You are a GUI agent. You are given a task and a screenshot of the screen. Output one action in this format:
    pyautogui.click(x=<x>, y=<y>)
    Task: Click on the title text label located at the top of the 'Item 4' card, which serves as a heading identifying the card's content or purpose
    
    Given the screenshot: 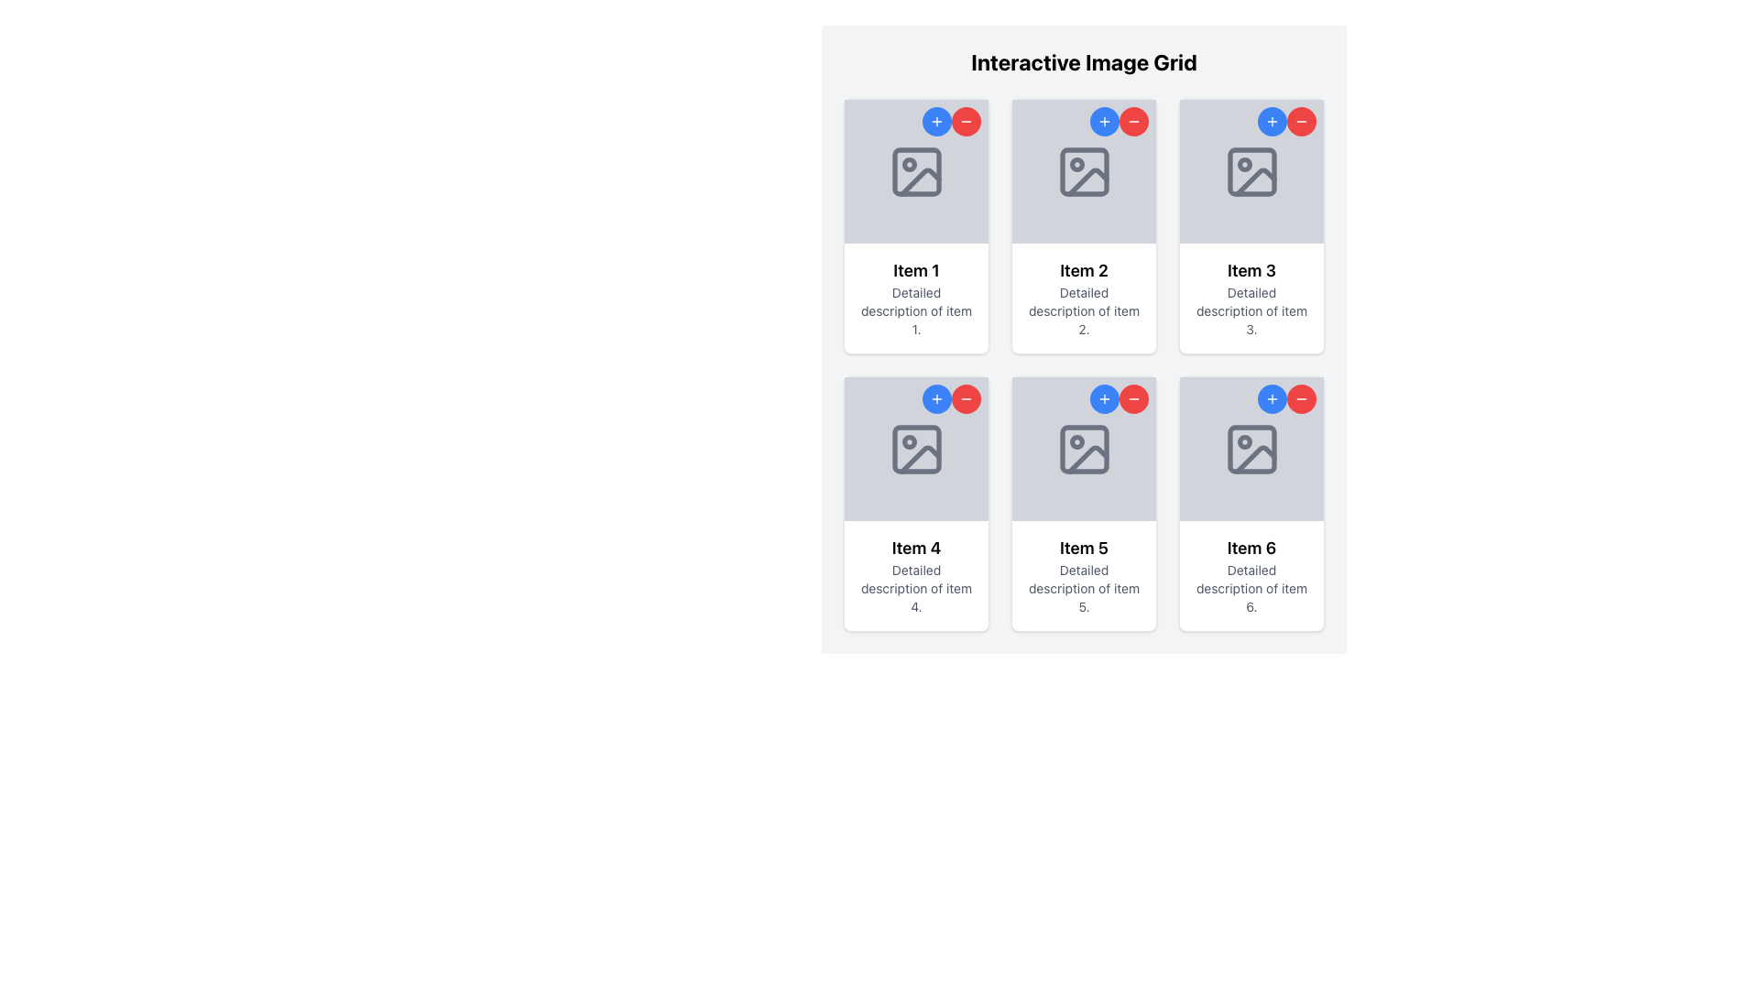 What is the action you would take?
    pyautogui.click(x=916, y=547)
    